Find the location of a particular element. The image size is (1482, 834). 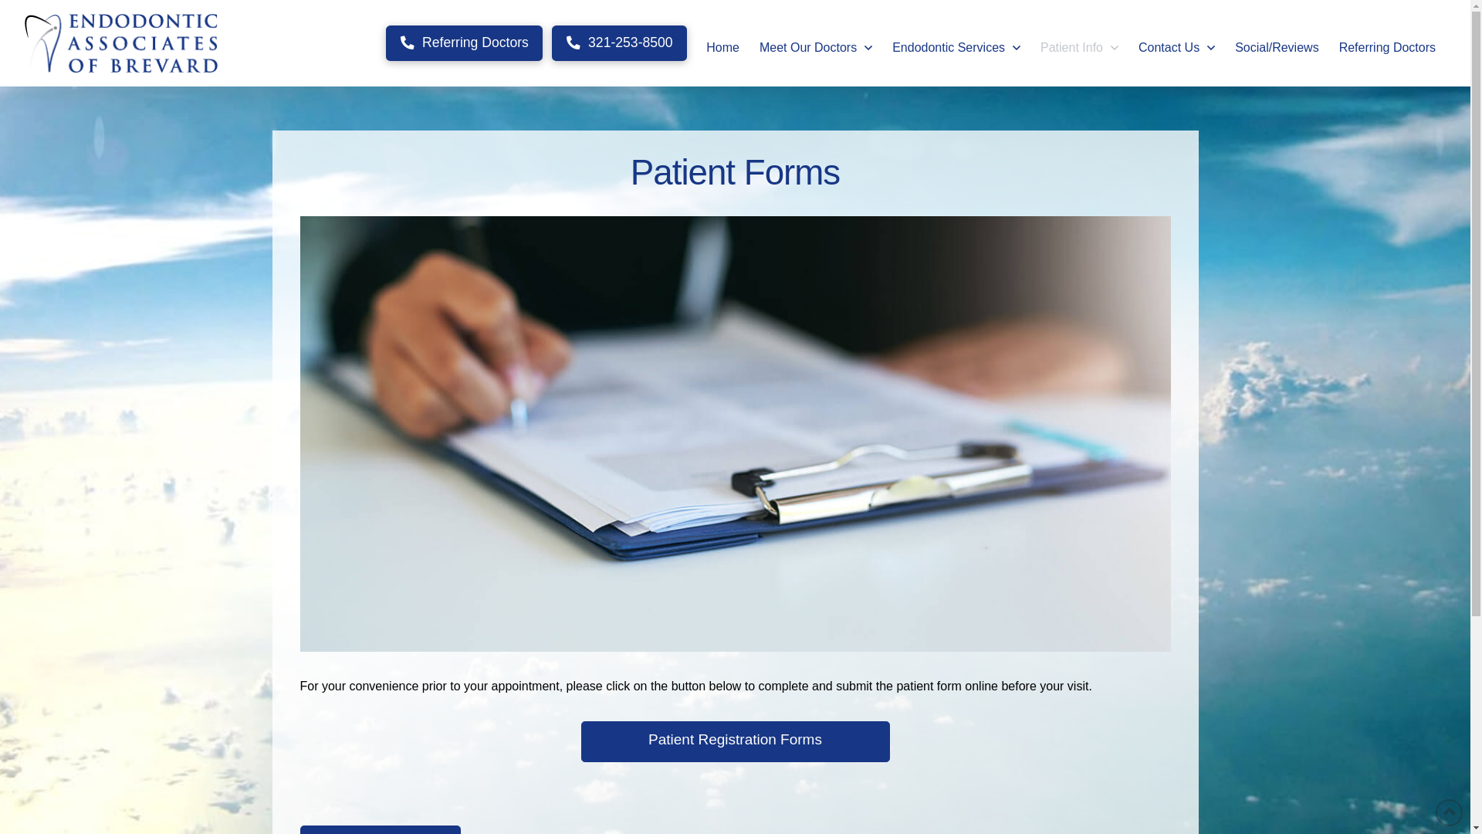

'Social/Reviews' is located at coordinates (1277, 42).